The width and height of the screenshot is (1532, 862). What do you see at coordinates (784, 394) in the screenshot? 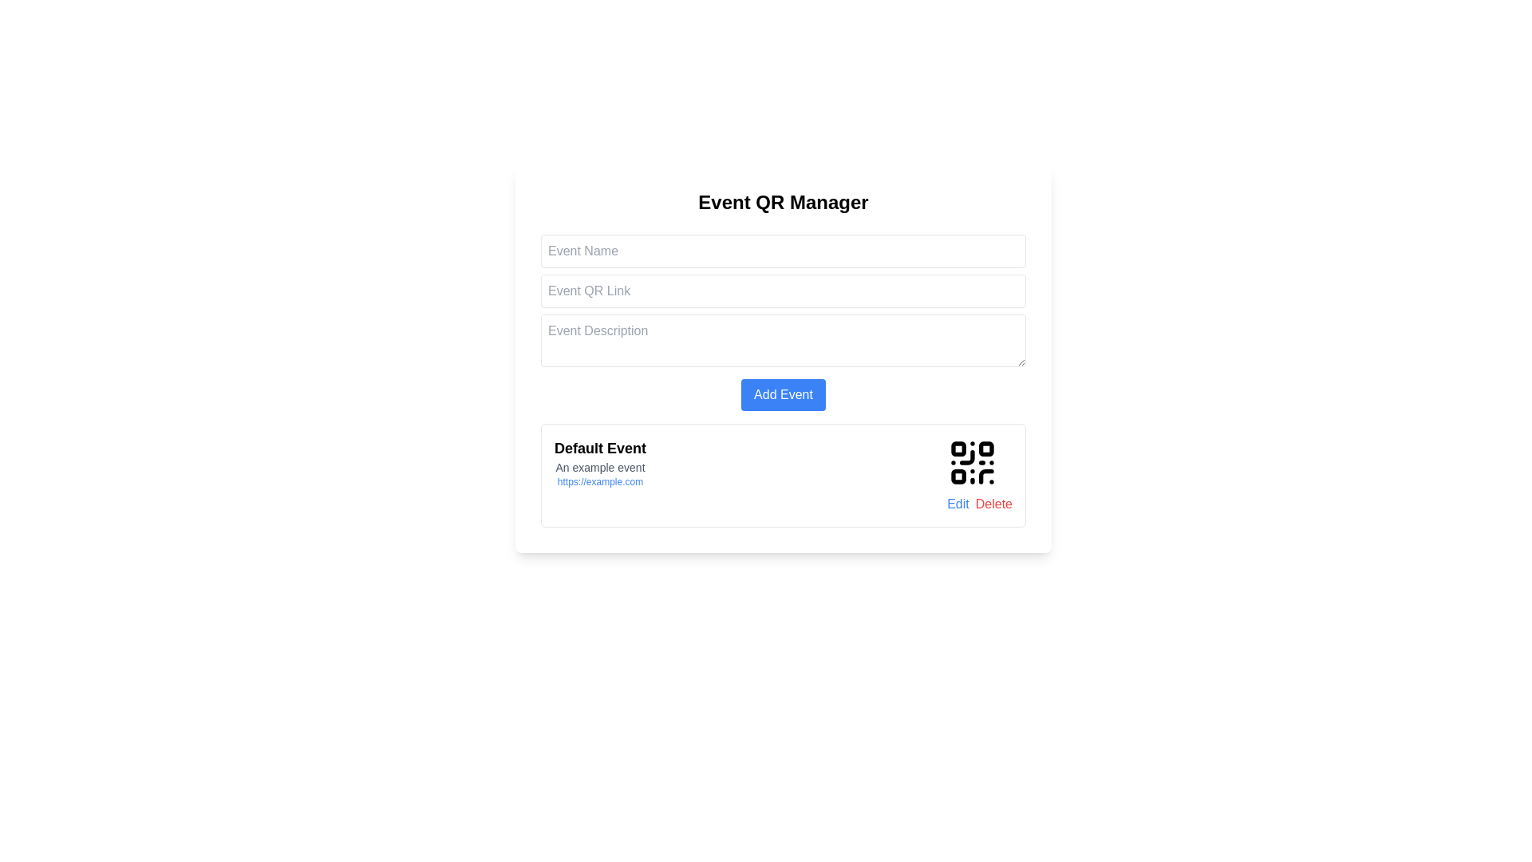
I see `the 'Add Event' button, which has a blue background and white text, positioned centrally below the input fields for 'Event Name,' 'Event QR Link,' and 'Event Description.'` at bounding box center [784, 394].